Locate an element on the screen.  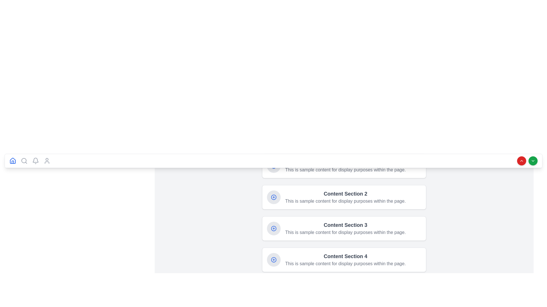
the outer boundary SVG circle of the 'plus' icon located to the left of the text 'Content Section 4' is located at coordinates (273, 260).